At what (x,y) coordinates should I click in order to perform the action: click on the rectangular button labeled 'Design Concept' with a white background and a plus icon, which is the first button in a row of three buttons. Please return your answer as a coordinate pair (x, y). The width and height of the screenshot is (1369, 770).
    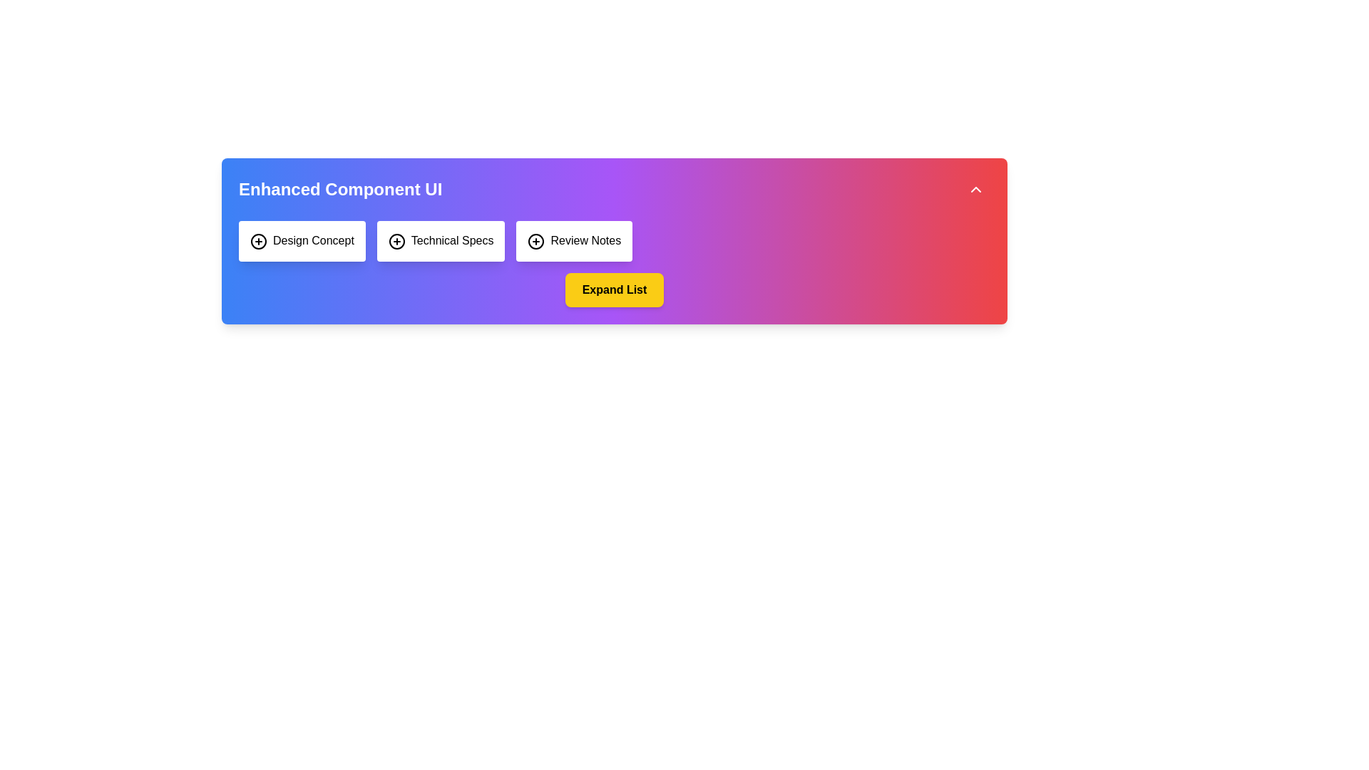
    Looking at the image, I should click on (301, 240).